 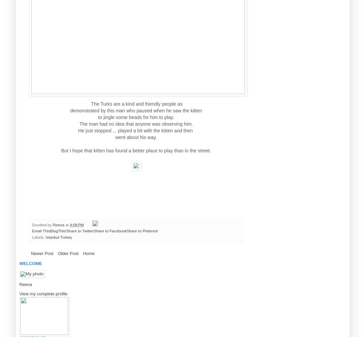 I want to click on 'Older Post', so click(x=68, y=253).